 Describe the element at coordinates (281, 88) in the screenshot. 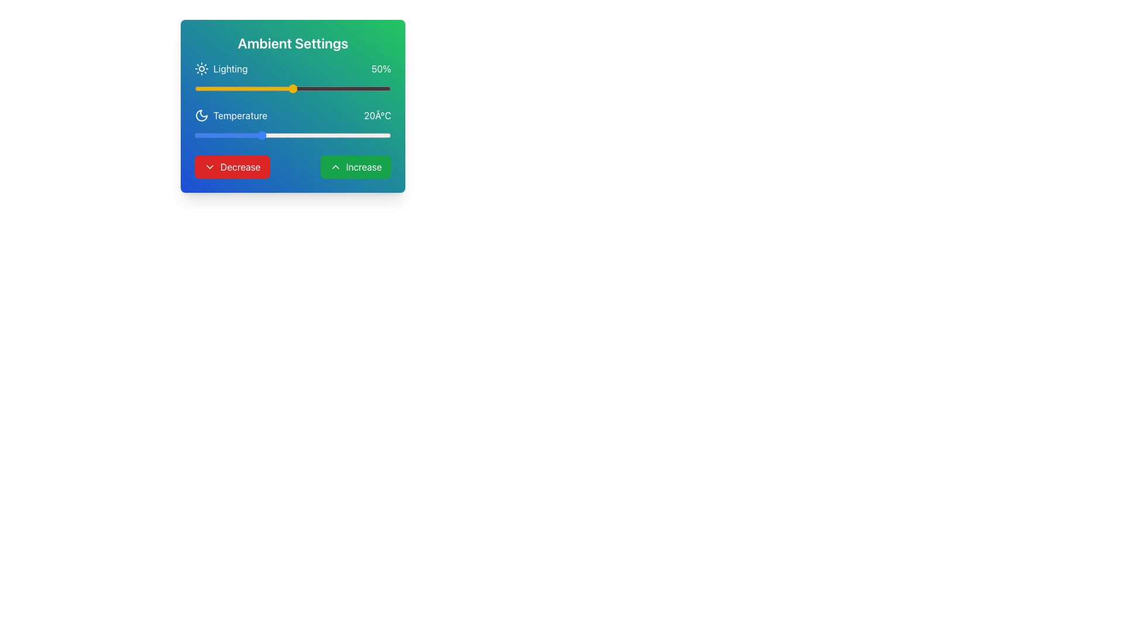

I see `brightness level` at that location.